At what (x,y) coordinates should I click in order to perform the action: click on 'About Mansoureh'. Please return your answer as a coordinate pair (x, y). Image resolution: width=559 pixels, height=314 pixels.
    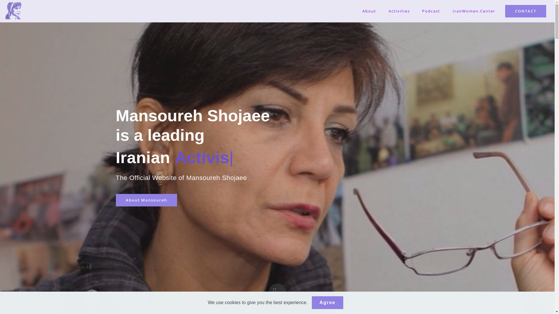
    Looking at the image, I should click on (146, 199).